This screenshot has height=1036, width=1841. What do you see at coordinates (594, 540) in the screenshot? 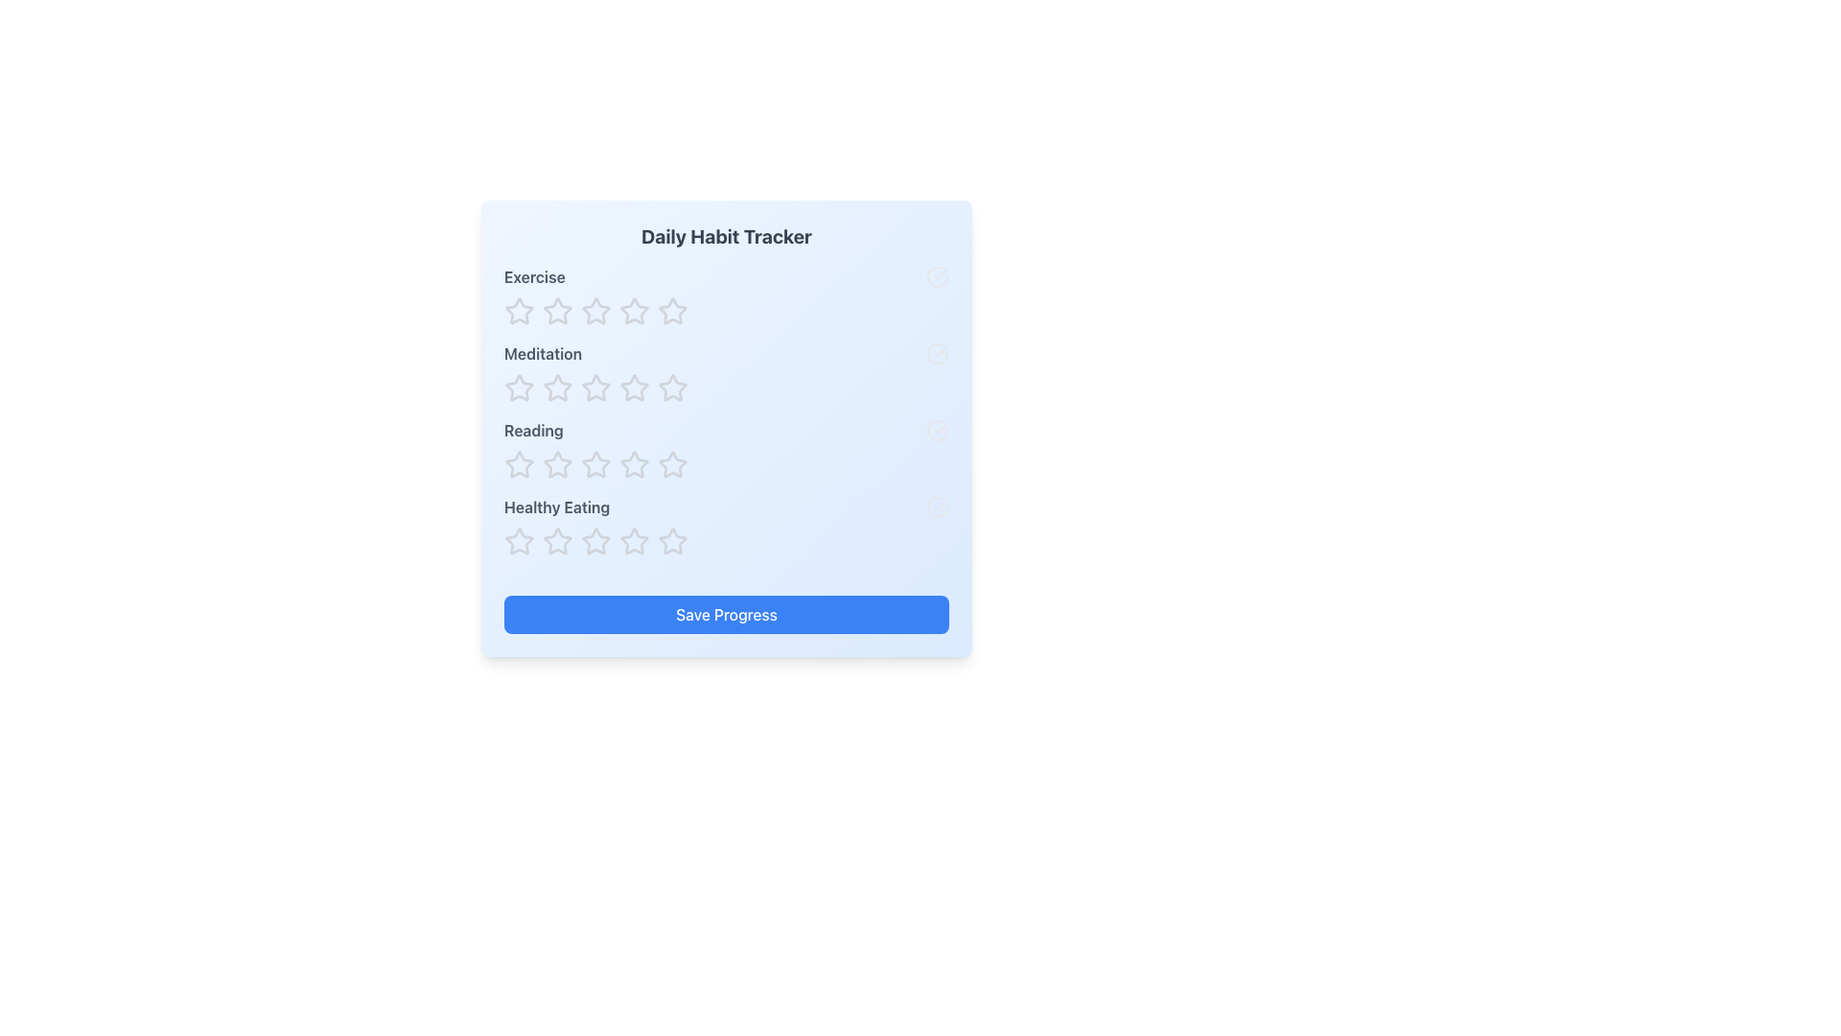
I see `the first star icon in the rating system for the 'Healthy Eating' habit` at bounding box center [594, 540].